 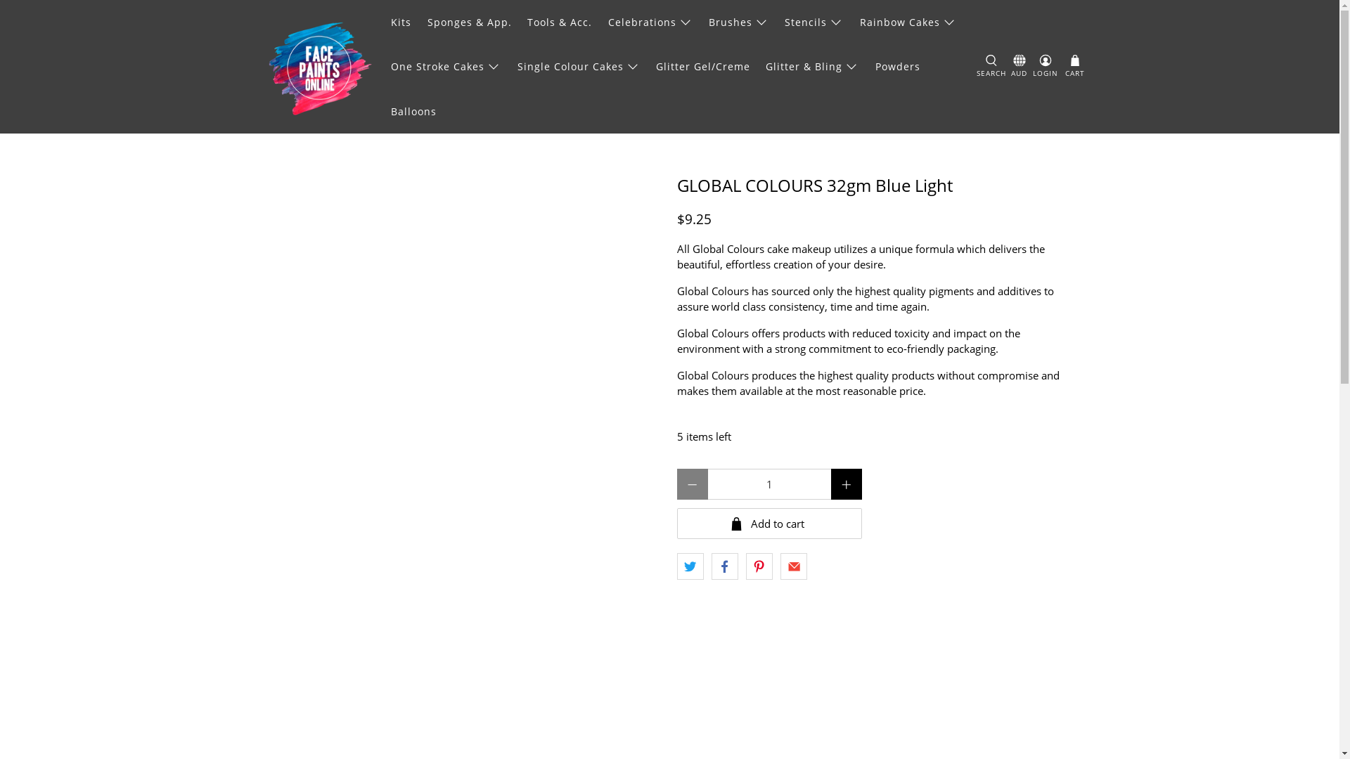 I want to click on 'Tools & Acc.', so click(x=559, y=22).